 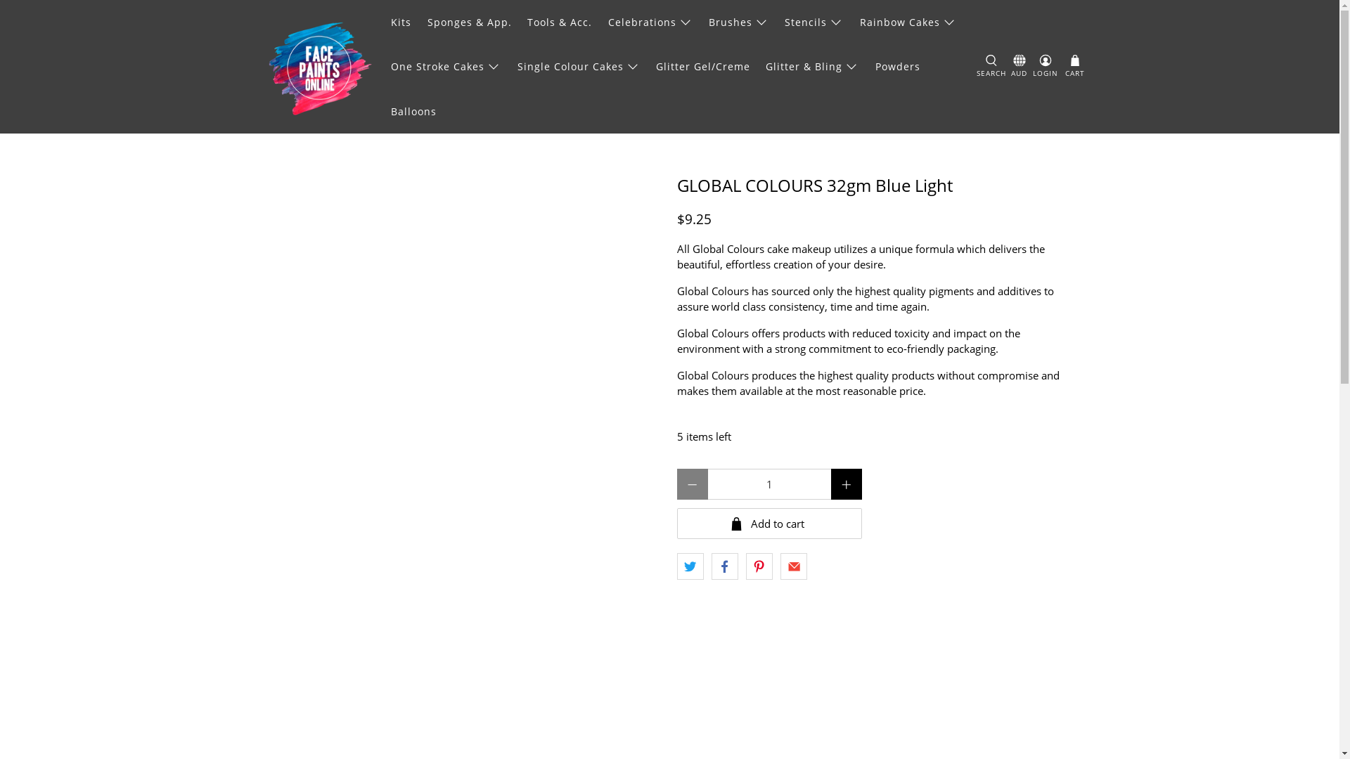 I want to click on 'Tools & Acc.', so click(x=559, y=22).